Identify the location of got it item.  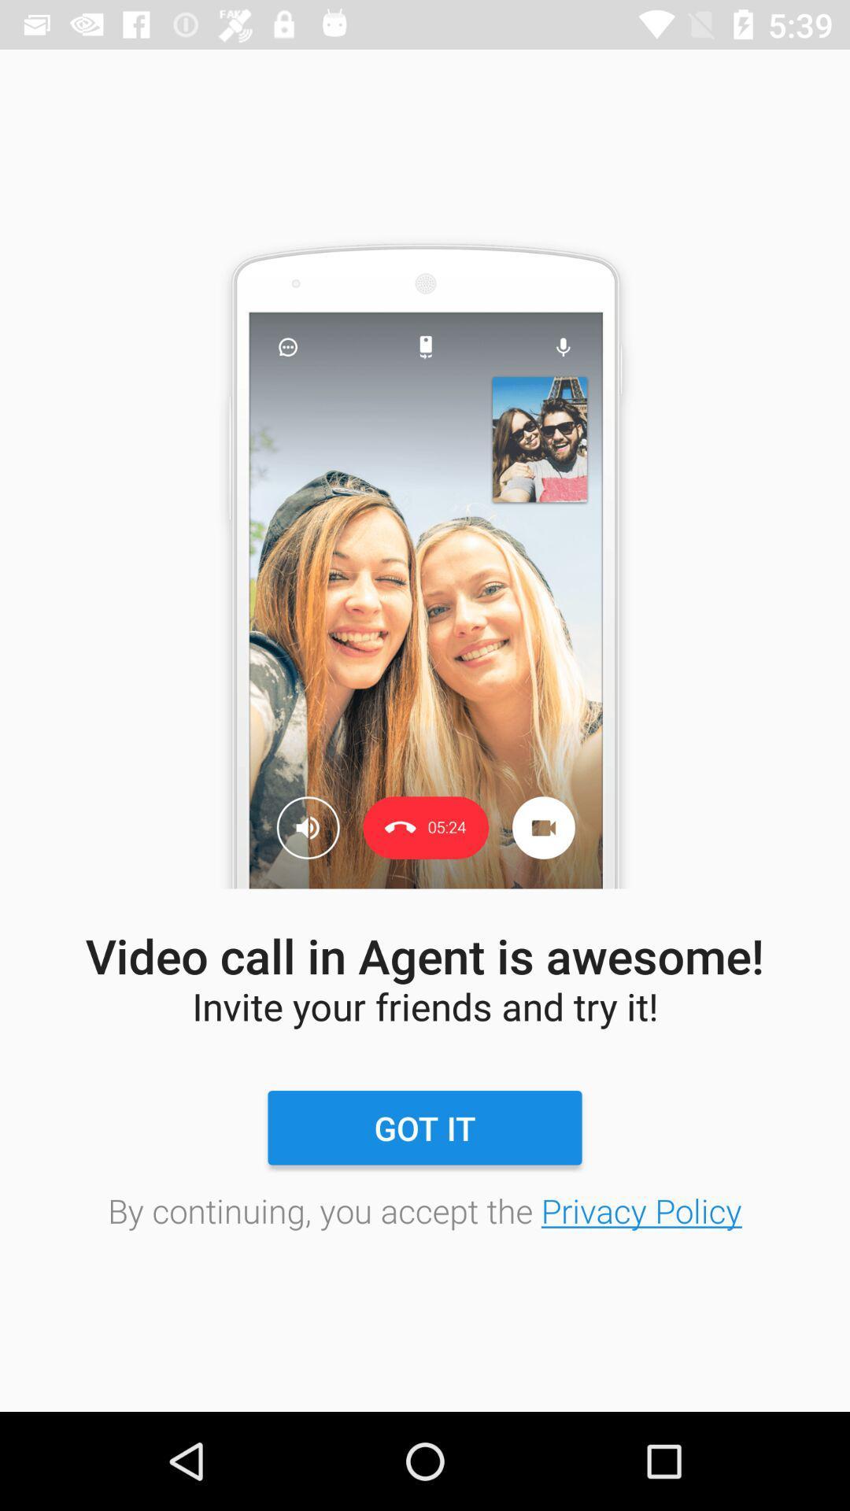
(425, 1127).